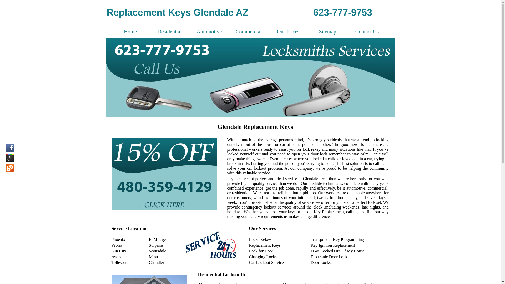  Describe the element at coordinates (337, 251) in the screenshot. I see `'I Got Locked Out Of My House'` at that location.